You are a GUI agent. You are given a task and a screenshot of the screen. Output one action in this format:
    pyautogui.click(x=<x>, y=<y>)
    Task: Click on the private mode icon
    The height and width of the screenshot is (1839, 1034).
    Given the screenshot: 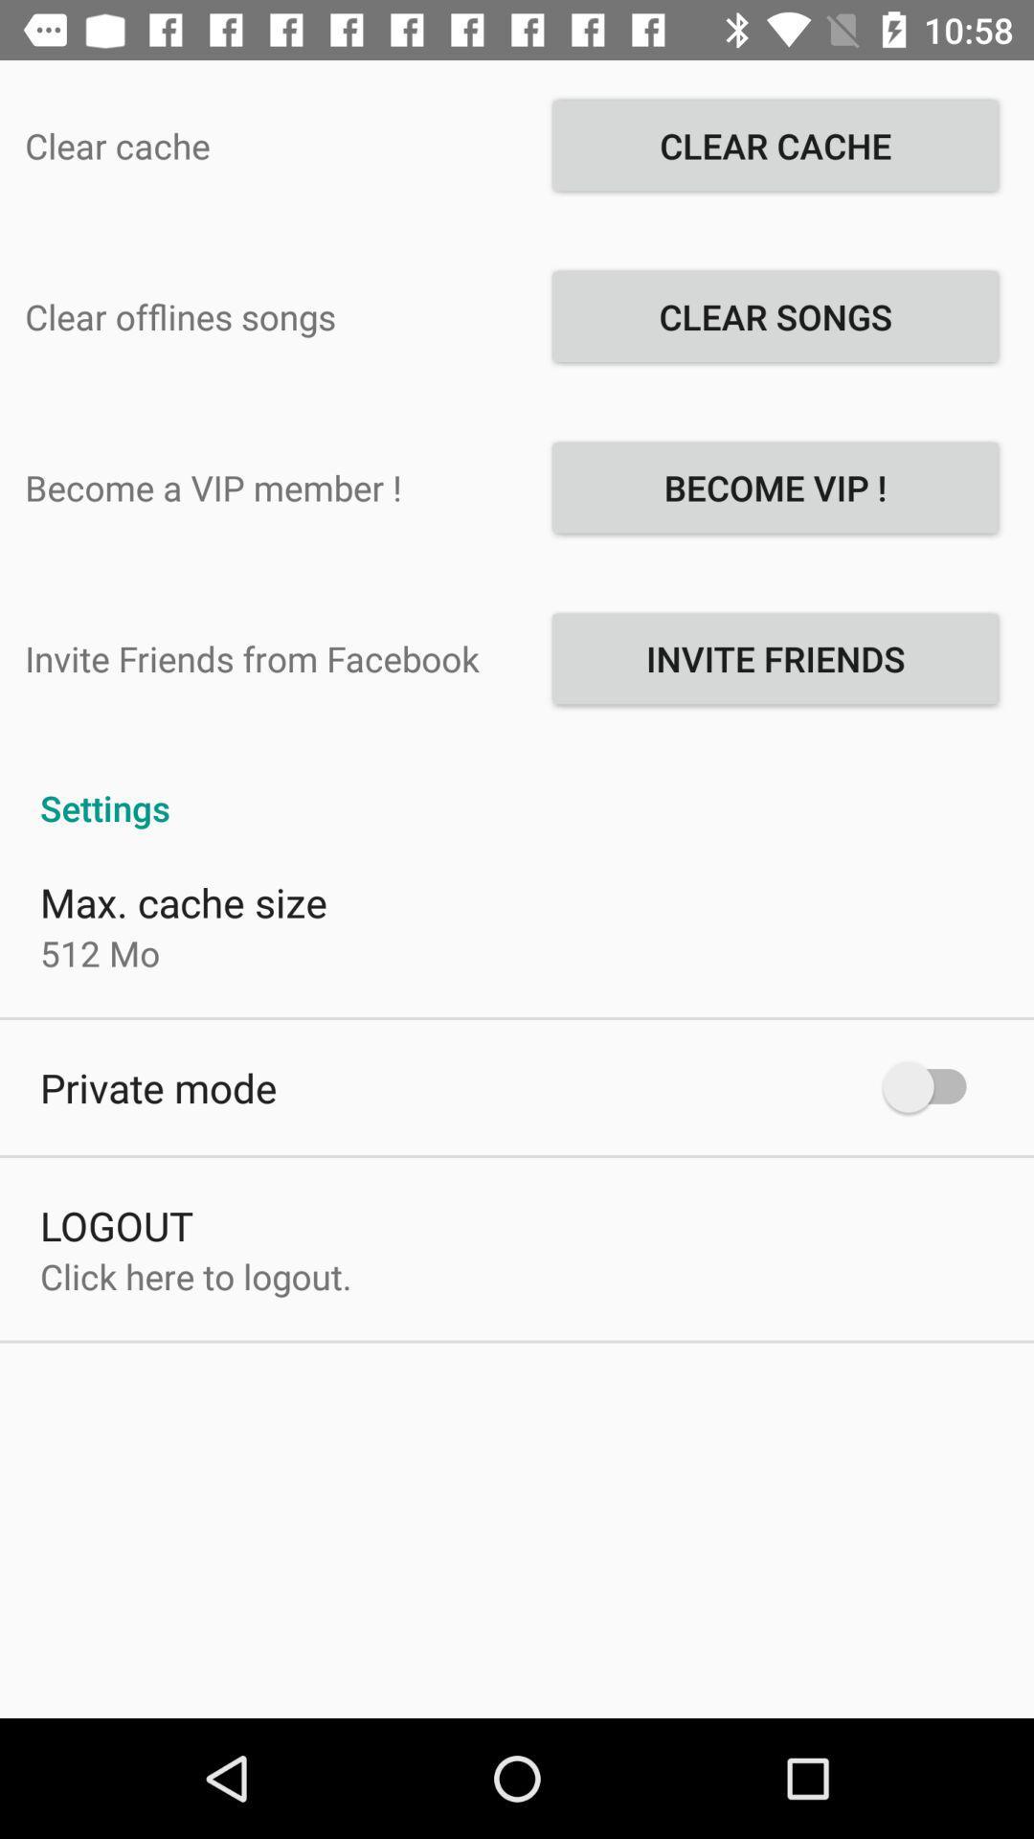 What is the action you would take?
    pyautogui.click(x=157, y=1087)
    